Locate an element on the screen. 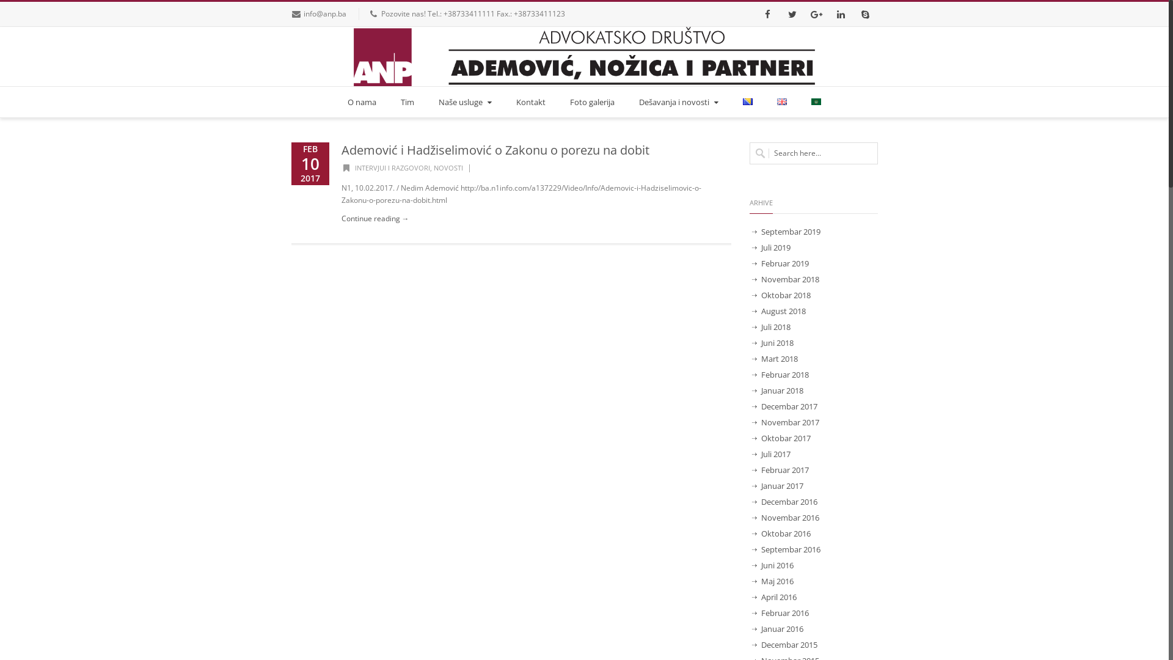 The image size is (1173, 660). 'Juli 2017' is located at coordinates (770, 454).